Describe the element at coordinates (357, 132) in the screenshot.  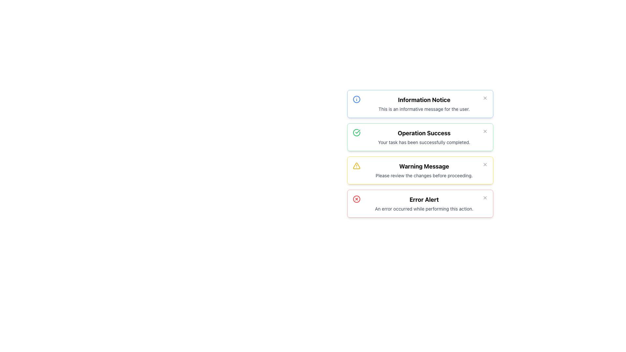
I see `the checkmark icon located inside the second notification box titled 'Operation Success', positioned to the left of the text content` at that location.